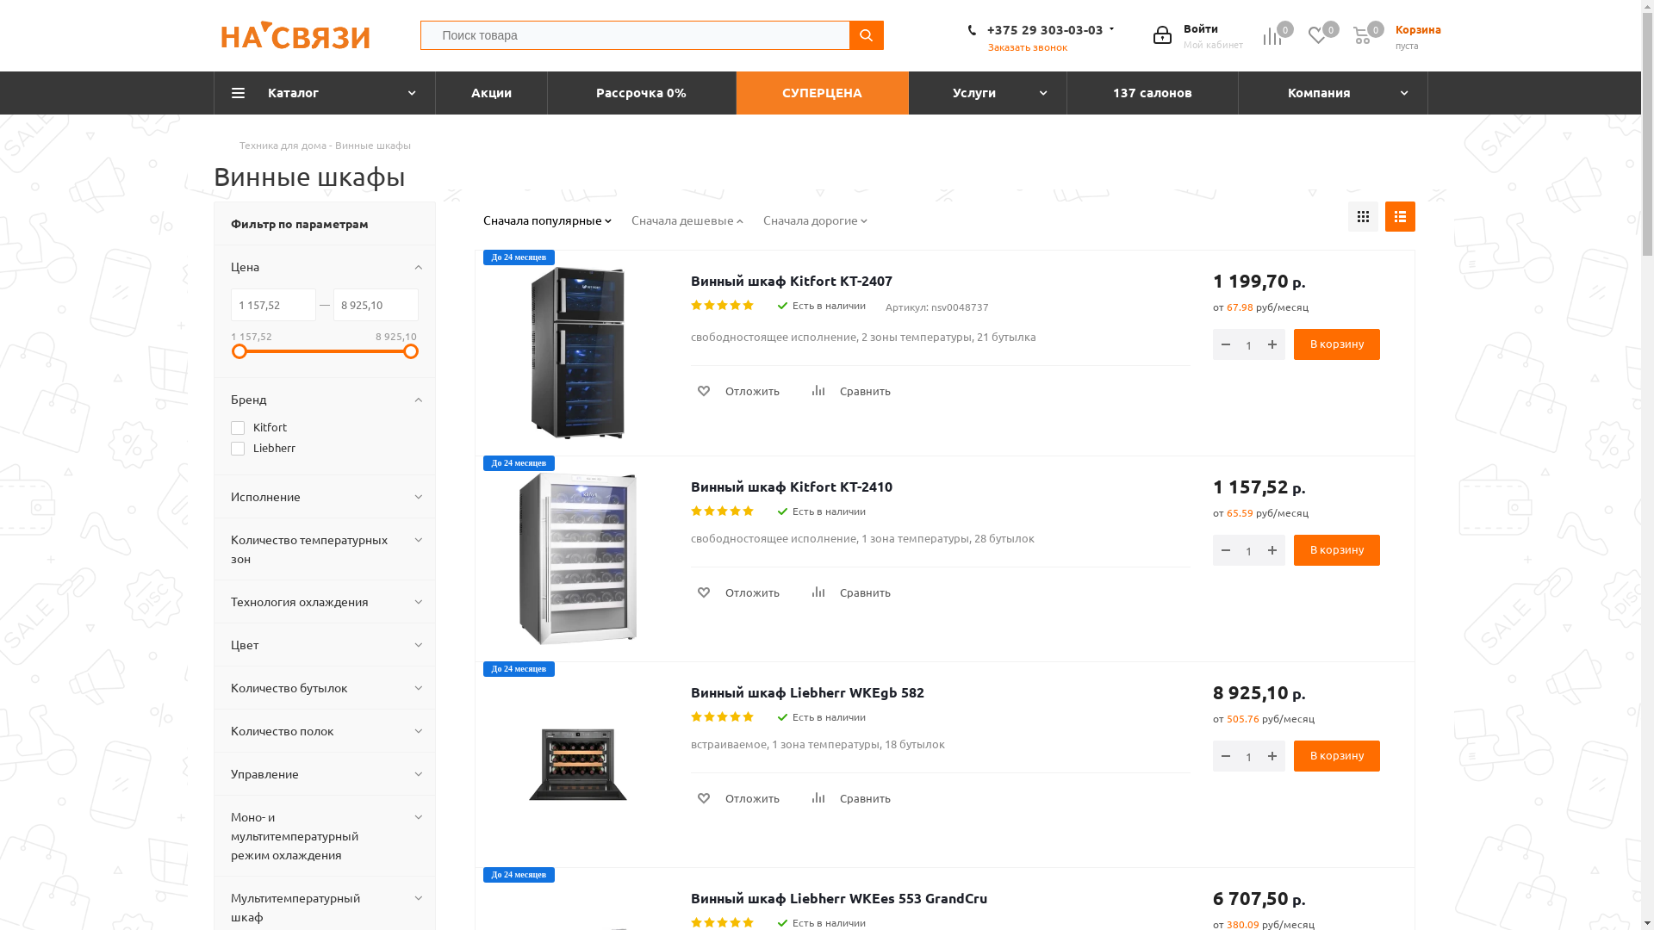  Describe the element at coordinates (723, 304) in the screenshot. I see `'3'` at that location.